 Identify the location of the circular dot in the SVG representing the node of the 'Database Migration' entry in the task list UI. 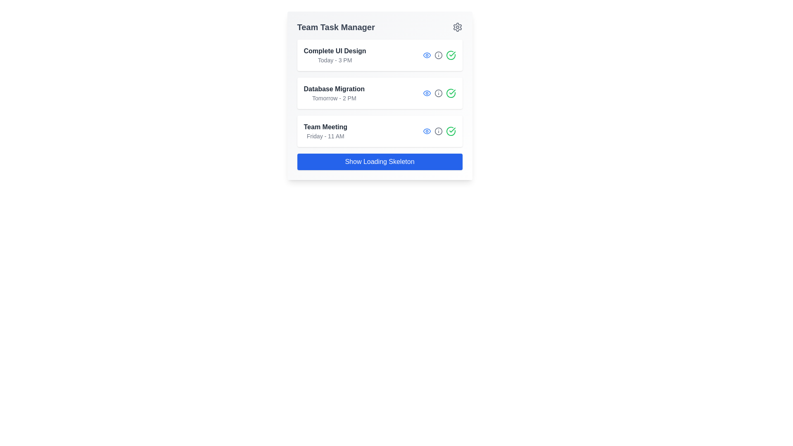
(438, 55).